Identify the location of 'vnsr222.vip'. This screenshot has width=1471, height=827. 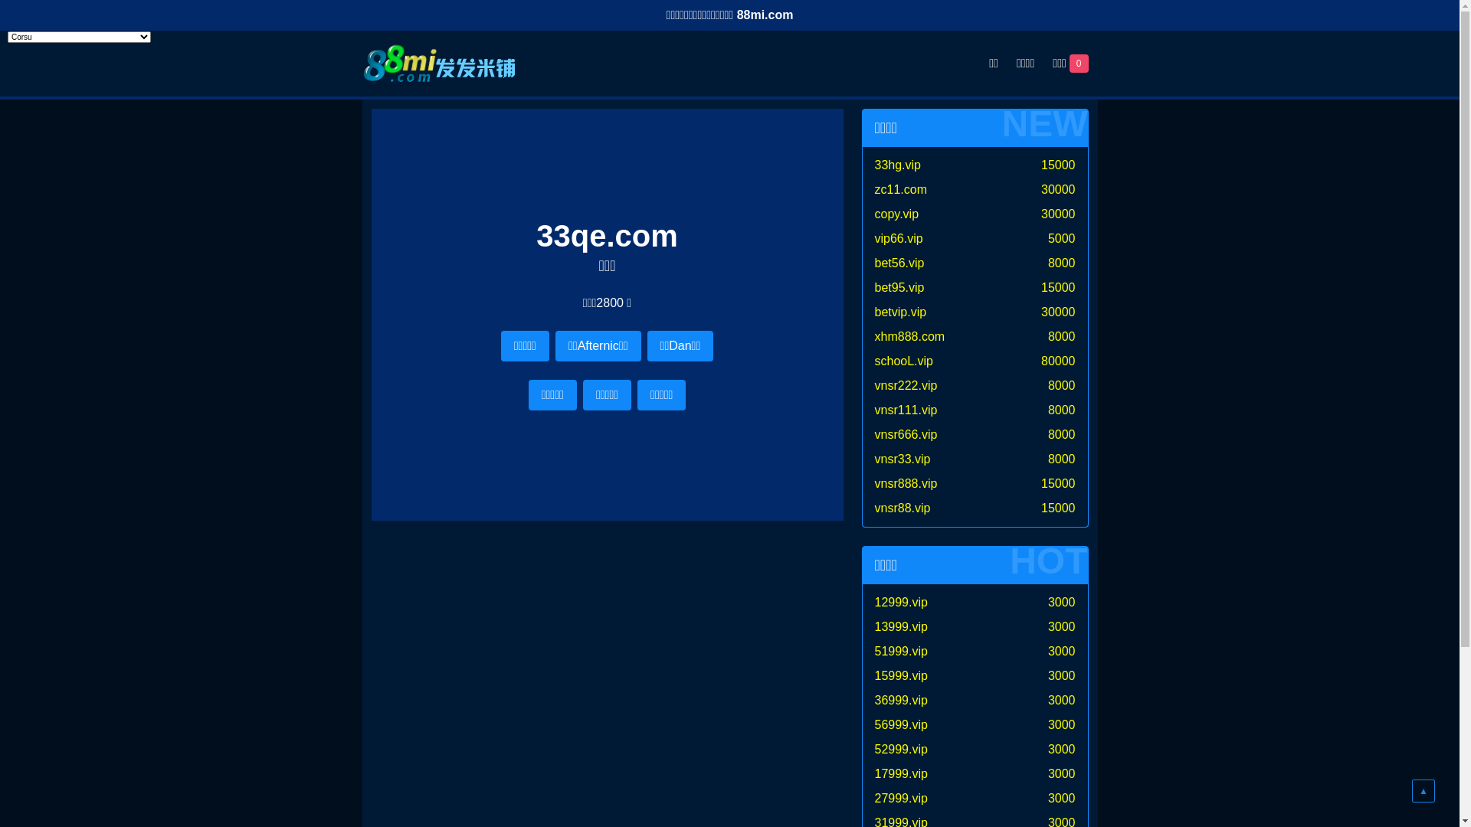
(906, 384).